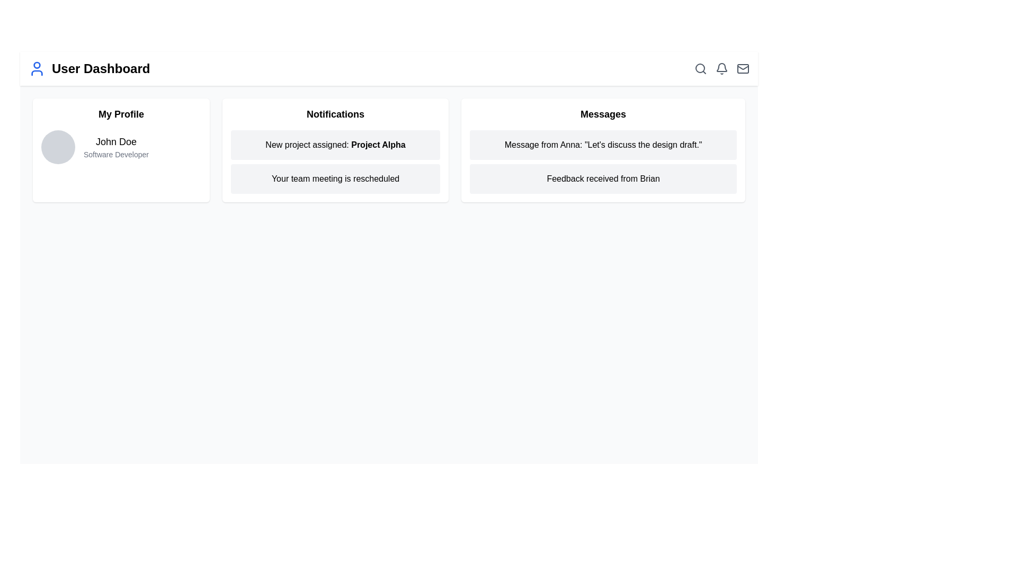  Describe the element at coordinates (121, 150) in the screenshot. I see `information displayed on the Informational card located in the top-left corner of the main content area, which provides an overview of the user's profile information including their name and role` at that location.